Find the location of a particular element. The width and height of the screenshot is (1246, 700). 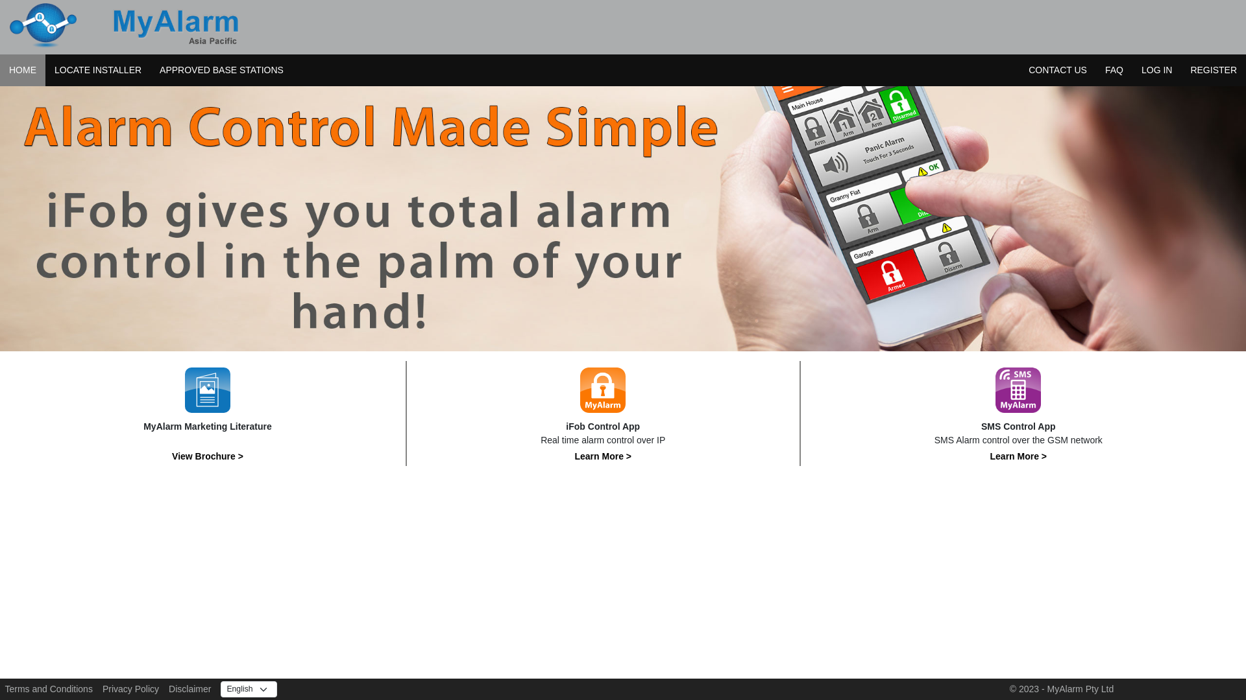

'View Brochure >' is located at coordinates (171, 456).